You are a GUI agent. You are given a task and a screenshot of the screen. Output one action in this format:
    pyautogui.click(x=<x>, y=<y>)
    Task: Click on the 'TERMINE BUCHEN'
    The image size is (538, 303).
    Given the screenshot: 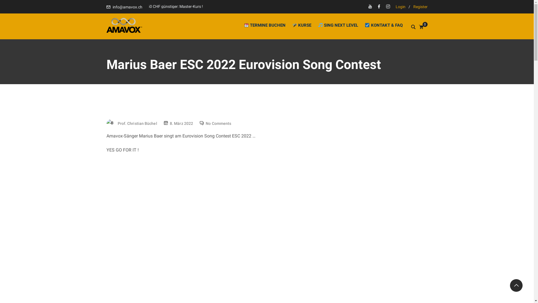 What is the action you would take?
    pyautogui.click(x=265, y=25)
    